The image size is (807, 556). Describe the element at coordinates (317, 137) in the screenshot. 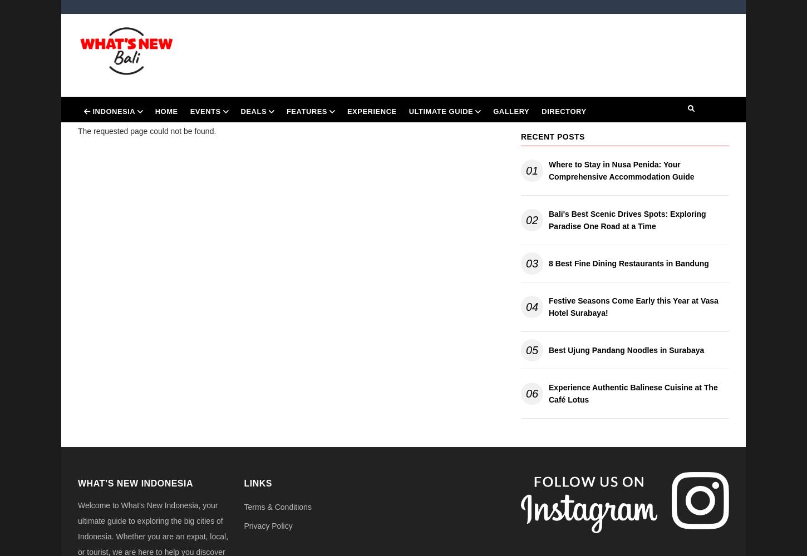

I see `'Dine & Drink'` at that location.